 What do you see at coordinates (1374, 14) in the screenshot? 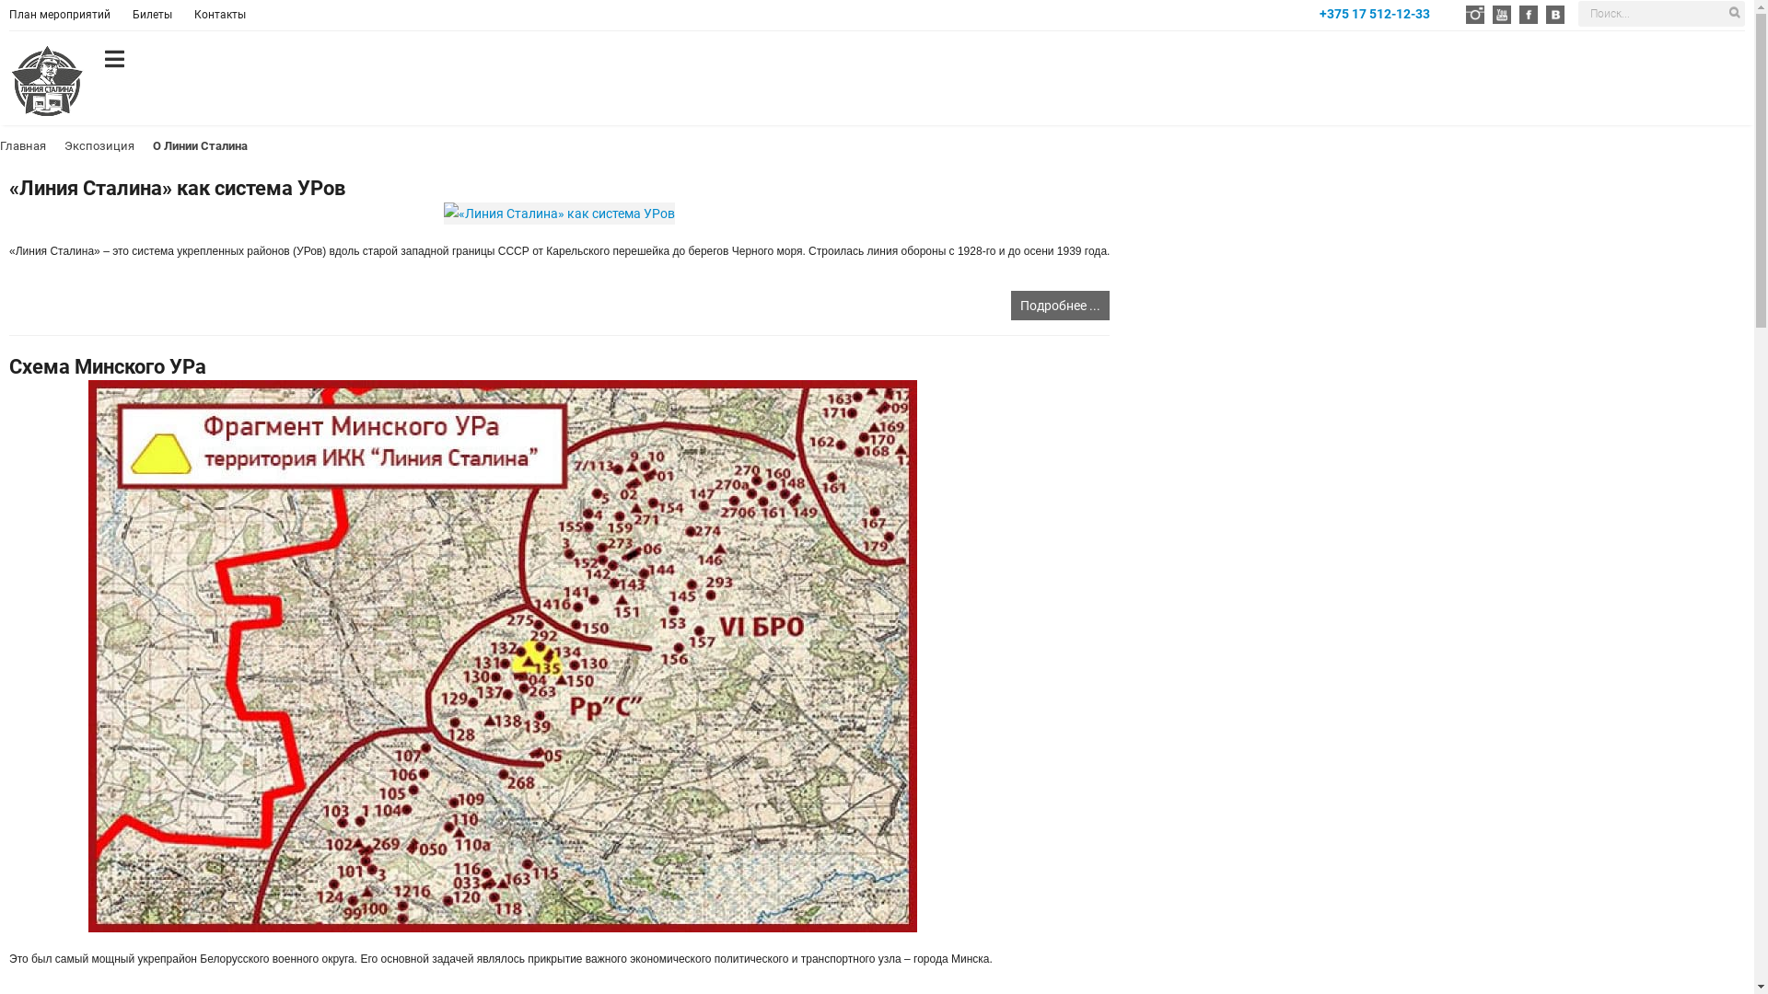
I see `'+375 17 512-12-33'` at bounding box center [1374, 14].